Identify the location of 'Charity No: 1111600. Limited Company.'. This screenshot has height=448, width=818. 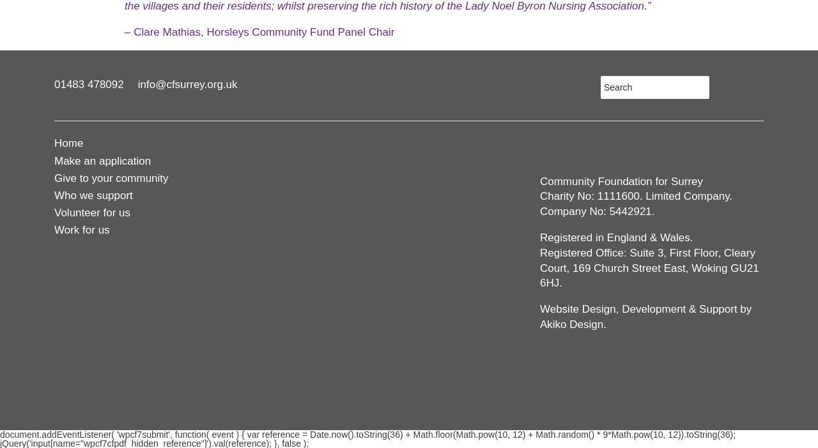
(539, 196).